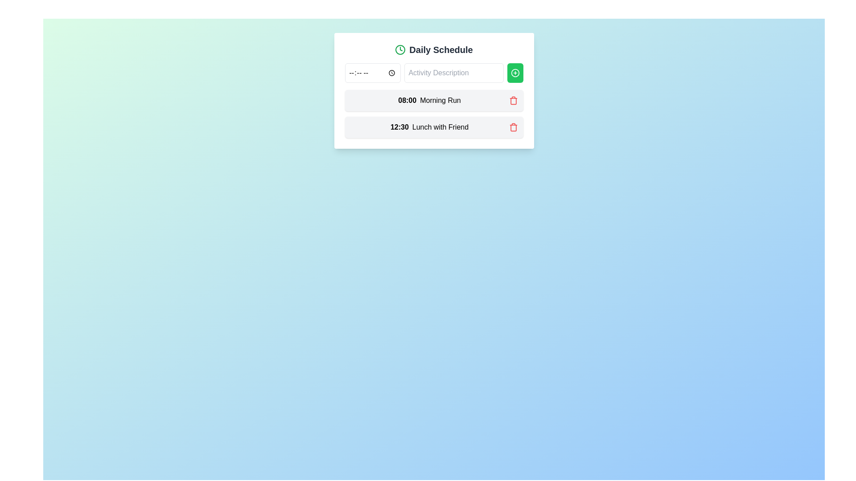  What do you see at coordinates (515, 73) in the screenshot?
I see `the circular '+' button with a green background located at the rightmost end of the input bar under the 'Daily Schedule' heading` at bounding box center [515, 73].